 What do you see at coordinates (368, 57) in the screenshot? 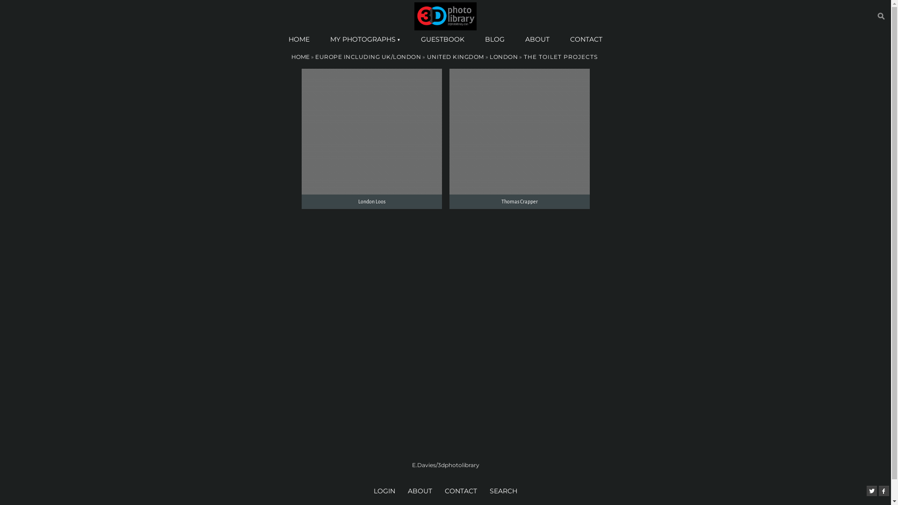
I see `'EUROPE INCLUDING UK/LONDON'` at bounding box center [368, 57].